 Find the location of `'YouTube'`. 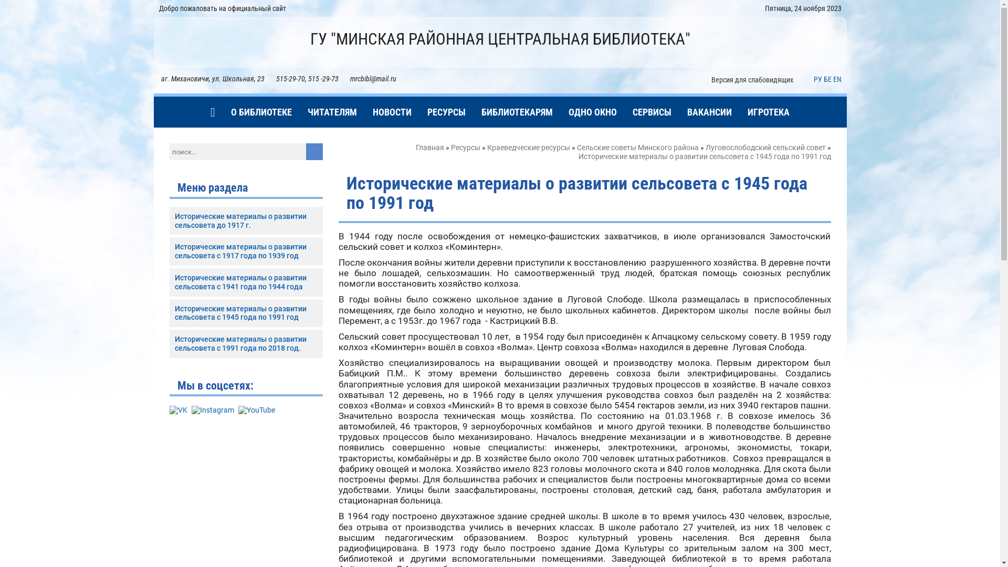

'YouTube' is located at coordinates (238, 409).